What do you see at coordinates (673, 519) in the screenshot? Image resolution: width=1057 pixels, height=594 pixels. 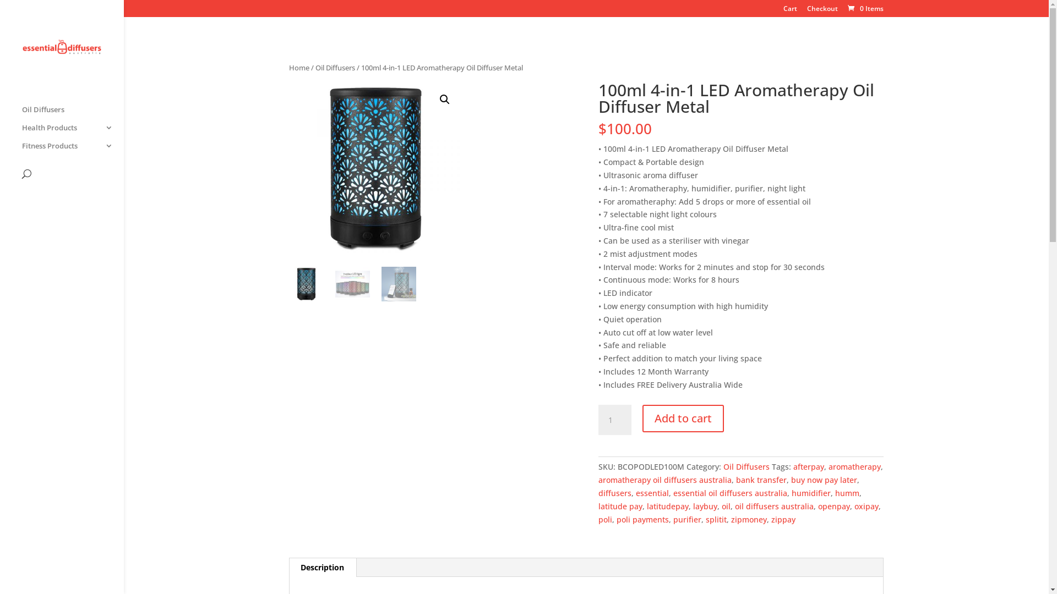 I see `'purifier'` at bounding box center [673, 519].